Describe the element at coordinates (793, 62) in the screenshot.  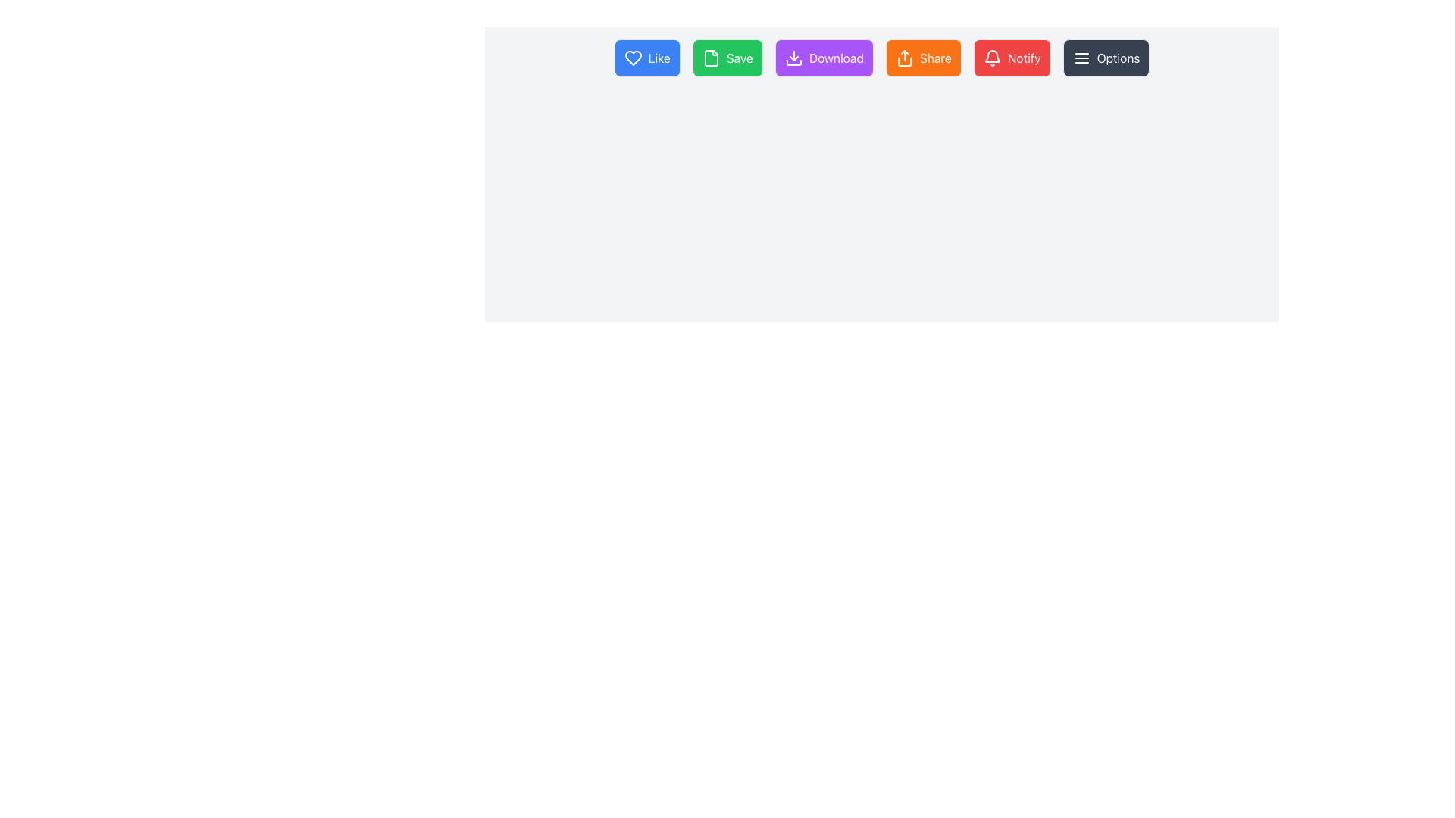
I see `the purple 'Download' icon button featuring a downward arrow` at that location.